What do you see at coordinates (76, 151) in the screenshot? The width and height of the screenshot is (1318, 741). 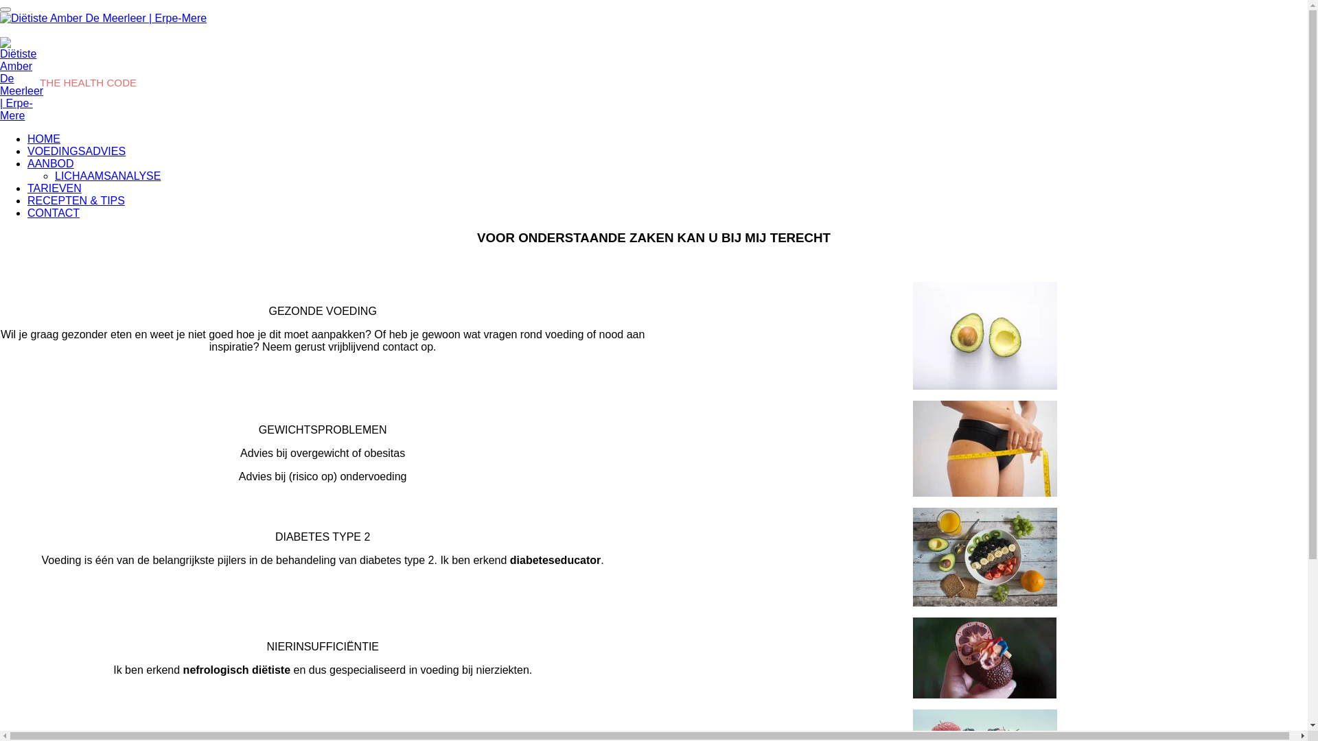 I see `'VOEDINGSADVIES'` at bounding box center [76, 151].